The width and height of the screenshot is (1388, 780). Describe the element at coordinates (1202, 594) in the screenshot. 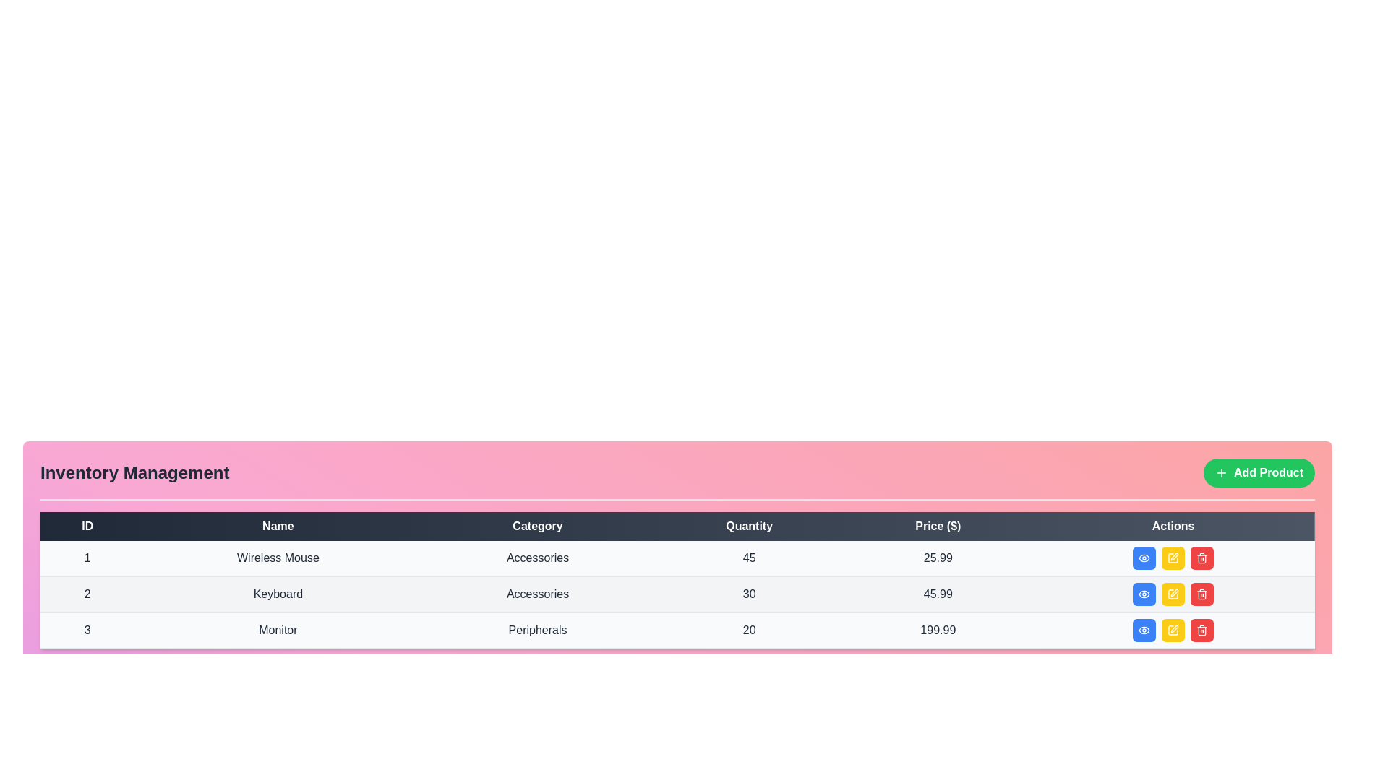

I see `the delete icon button located at the rightmost side of the last row in the 'Actions' column of the table` at that location.